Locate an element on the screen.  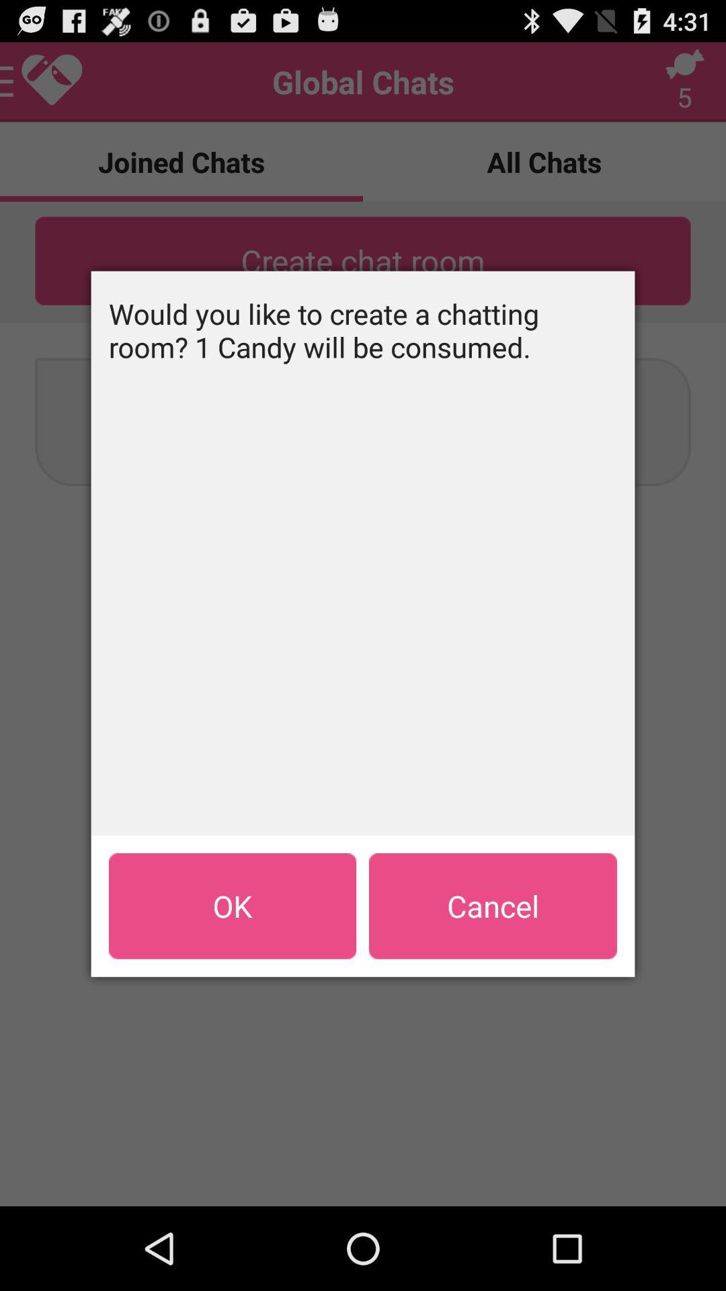
app next to cancel icon is located at coordinates (232, 906).